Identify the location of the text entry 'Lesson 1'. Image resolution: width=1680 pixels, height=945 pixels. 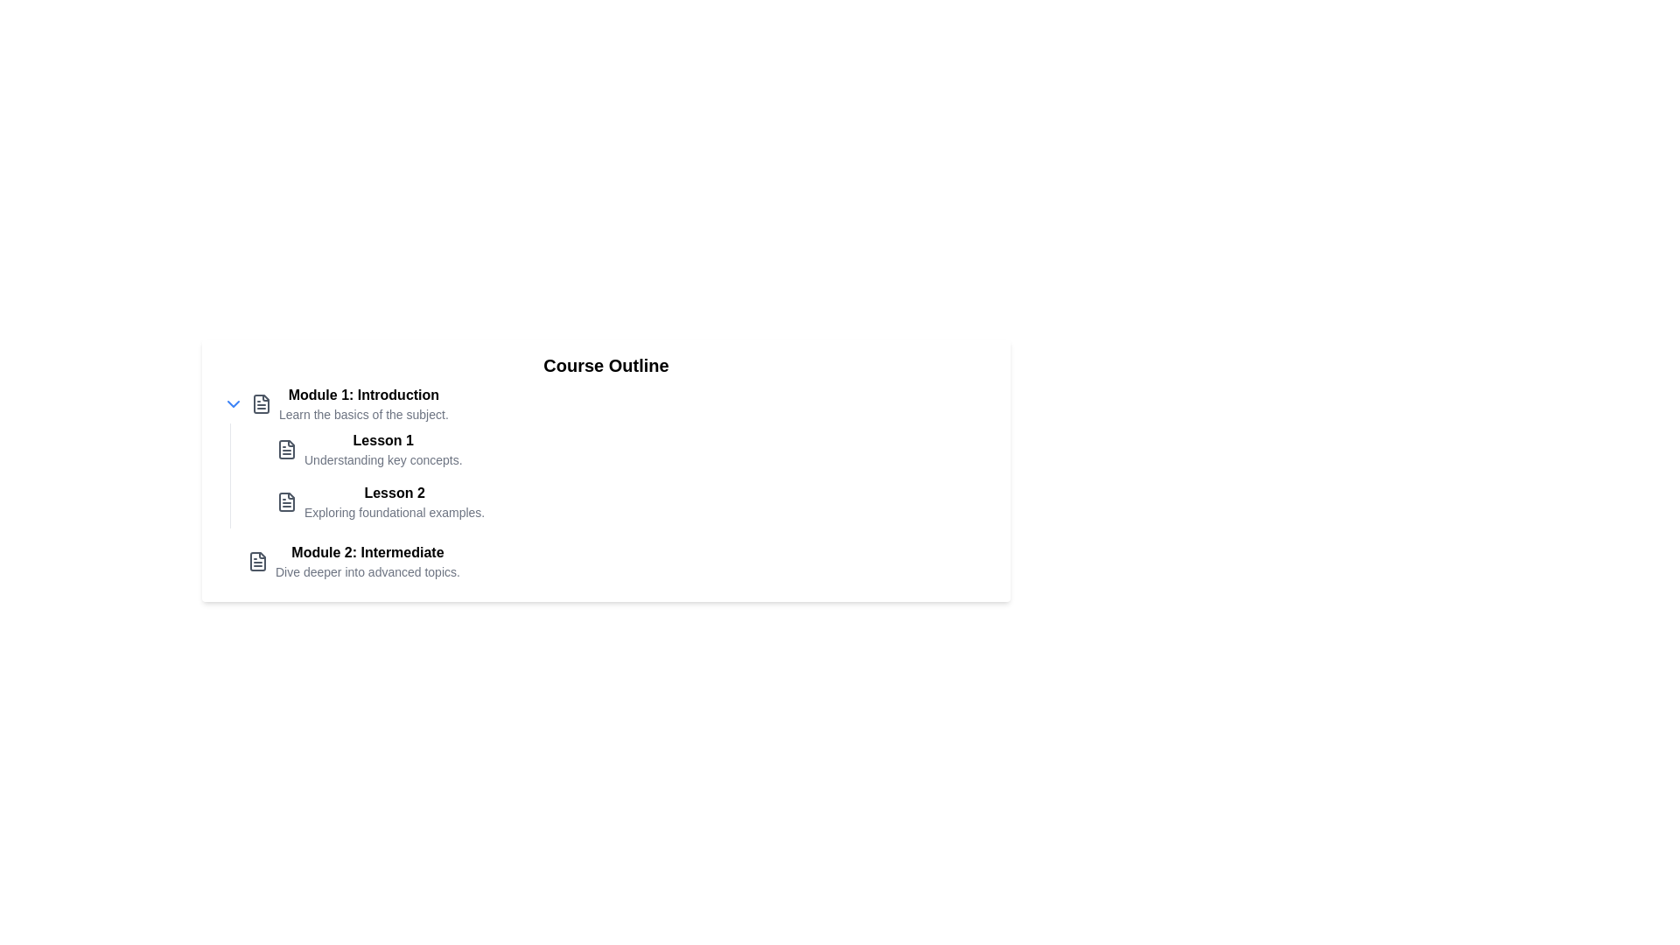
(382, 448).